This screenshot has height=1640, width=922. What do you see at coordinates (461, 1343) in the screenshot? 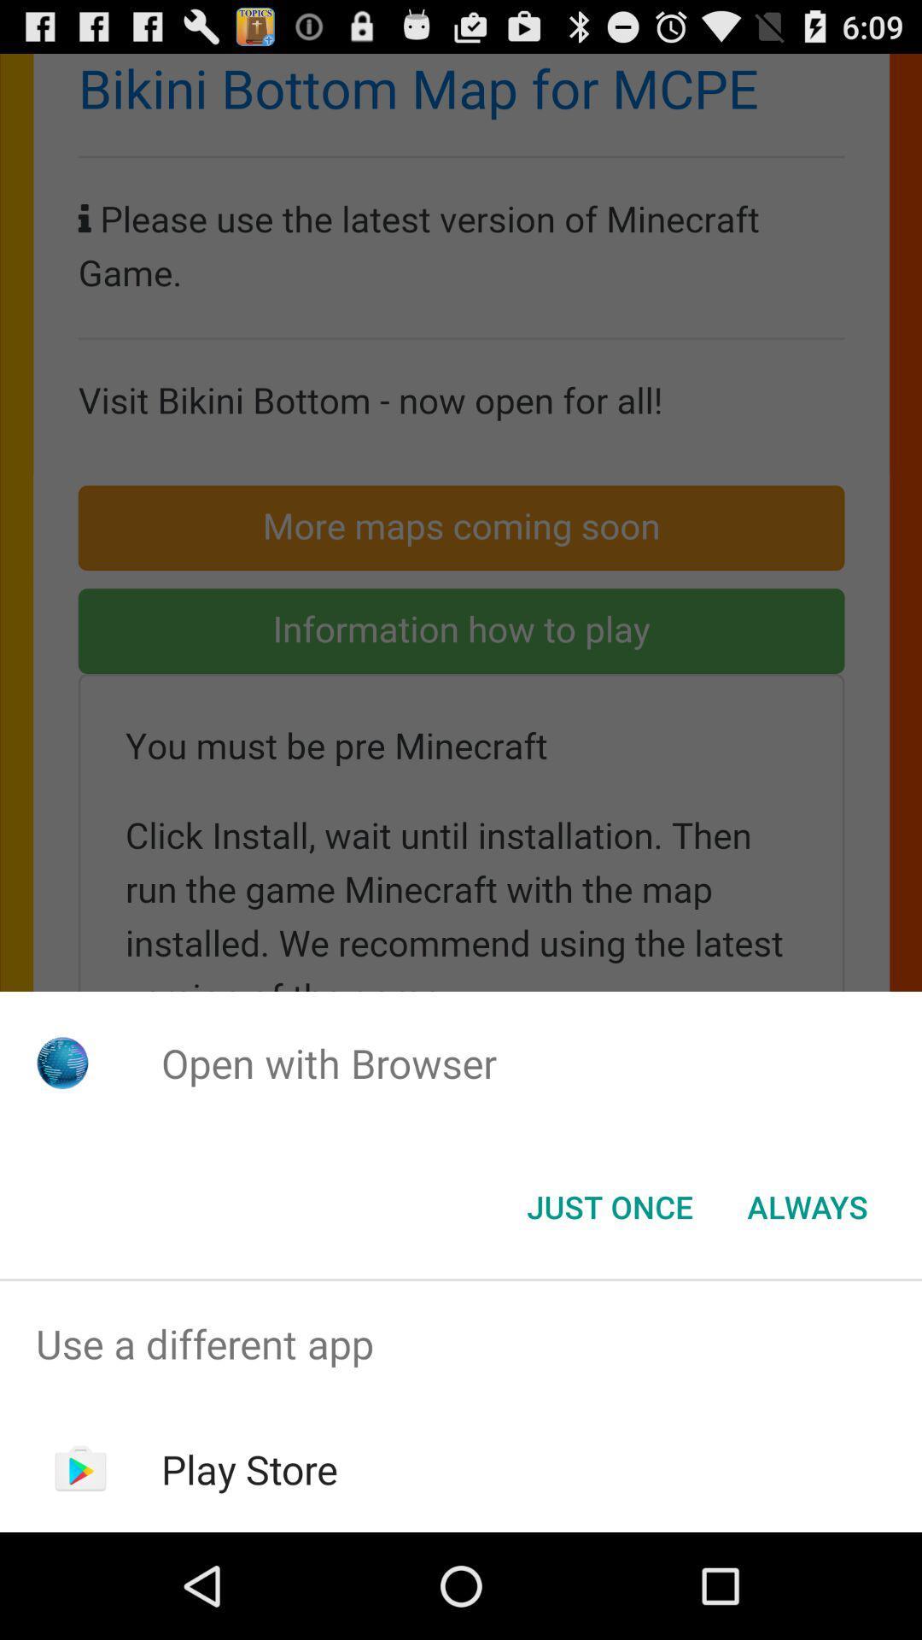
I see `use a different` at bounding box center [461, 1343].